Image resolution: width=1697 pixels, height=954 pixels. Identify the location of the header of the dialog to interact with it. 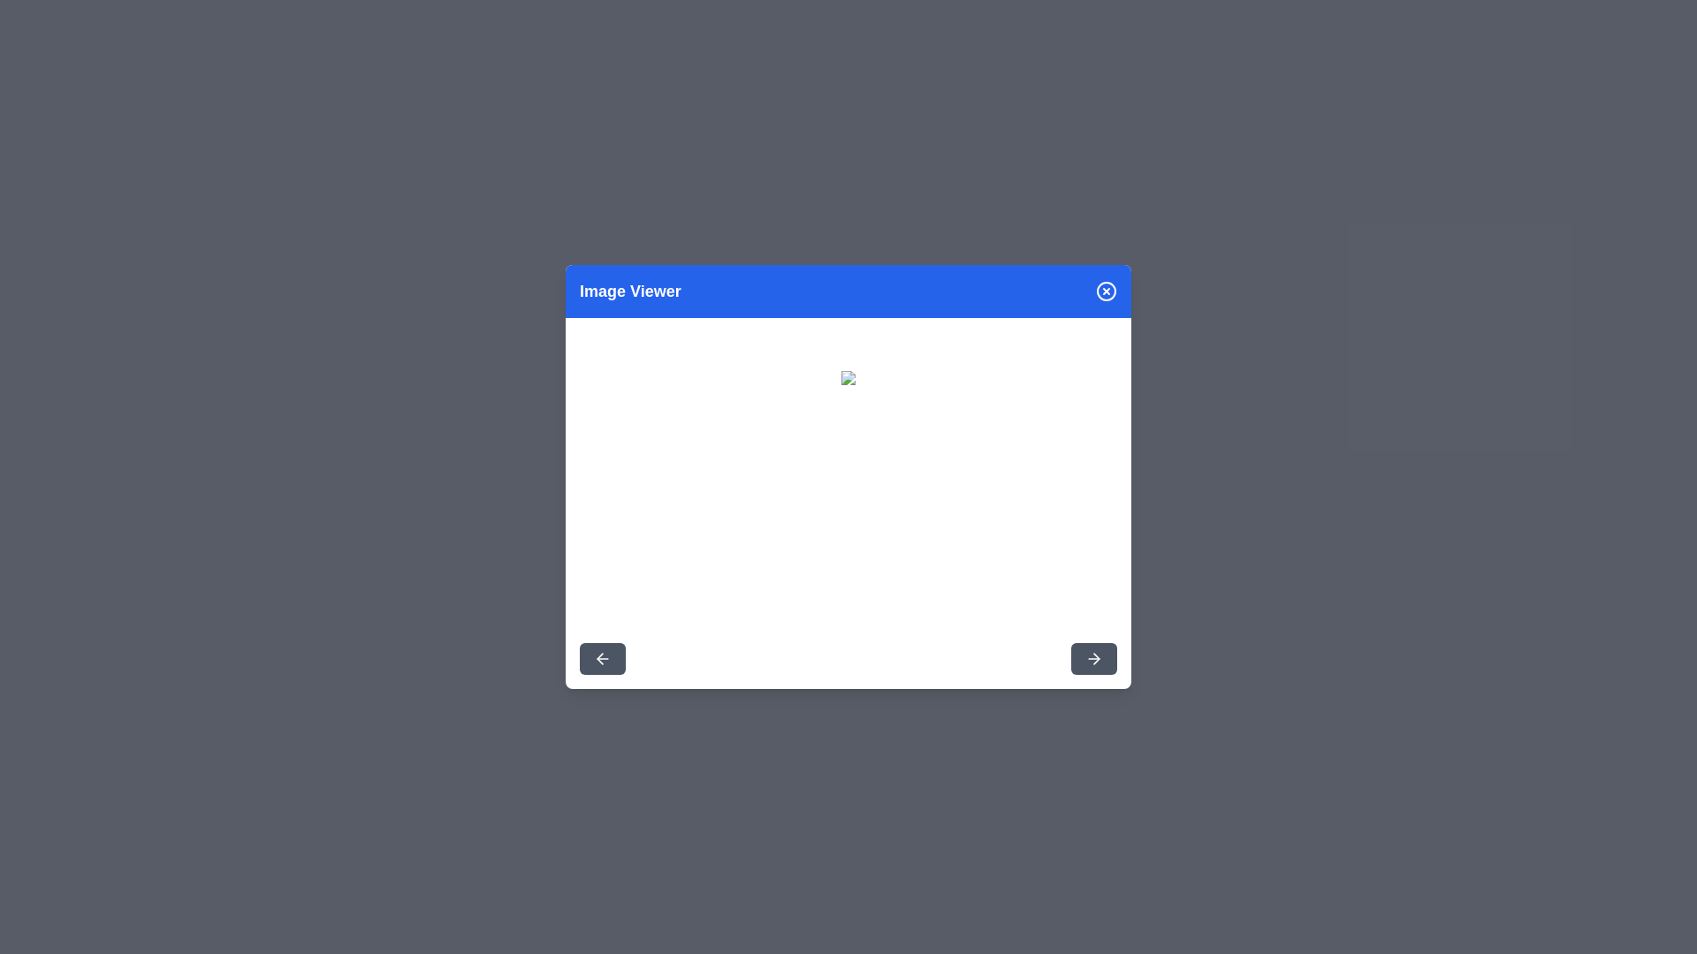
(848, 291).